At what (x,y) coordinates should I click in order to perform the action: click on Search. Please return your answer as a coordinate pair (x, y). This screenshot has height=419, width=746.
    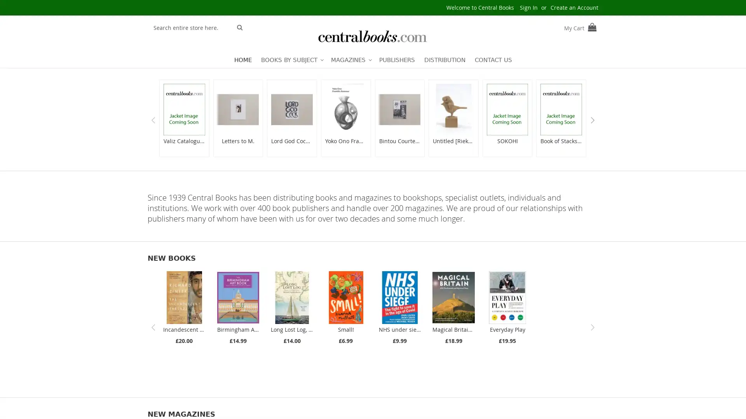
    Looking at the image, I should click on (239, 26).